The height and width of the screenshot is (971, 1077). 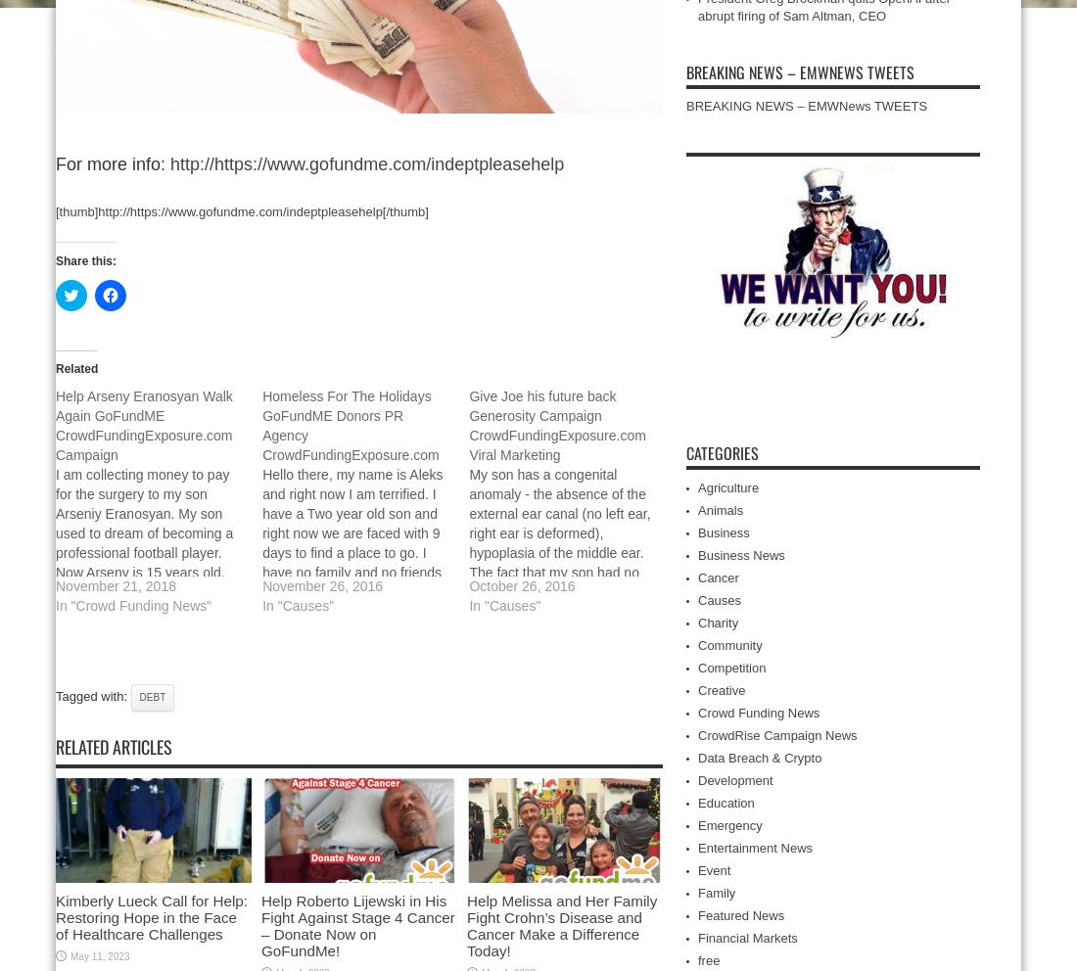 What do you see at coordinates (708, 960) in the screenshot?
I see `'free'` at bounding box center [708, 960].